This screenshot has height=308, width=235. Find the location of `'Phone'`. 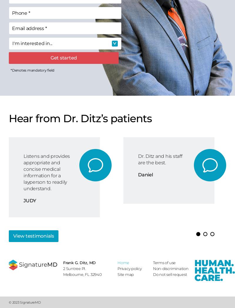

'Phone' is located at coordinates (19, 12).